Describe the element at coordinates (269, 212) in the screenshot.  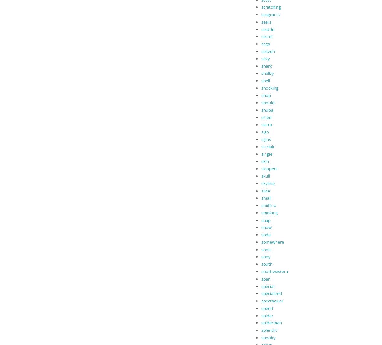
I see `'smoking'` at that location.